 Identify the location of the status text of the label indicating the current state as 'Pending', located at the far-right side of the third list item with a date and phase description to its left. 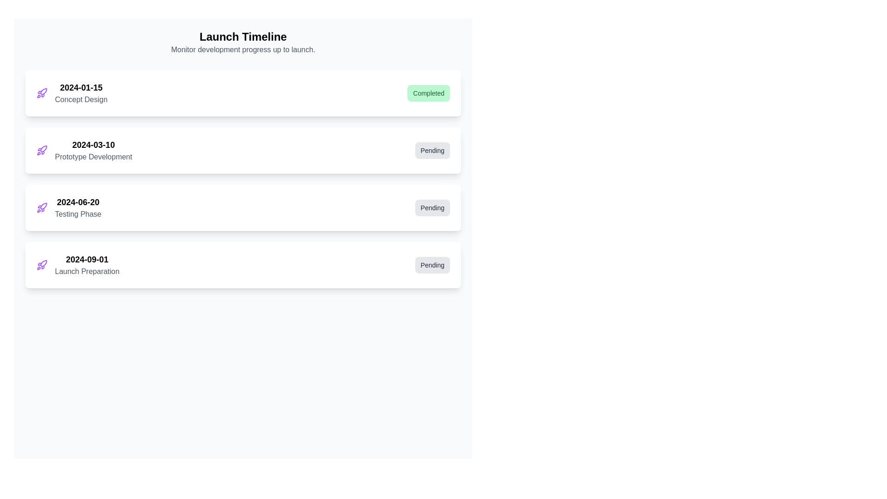
(432, 208).